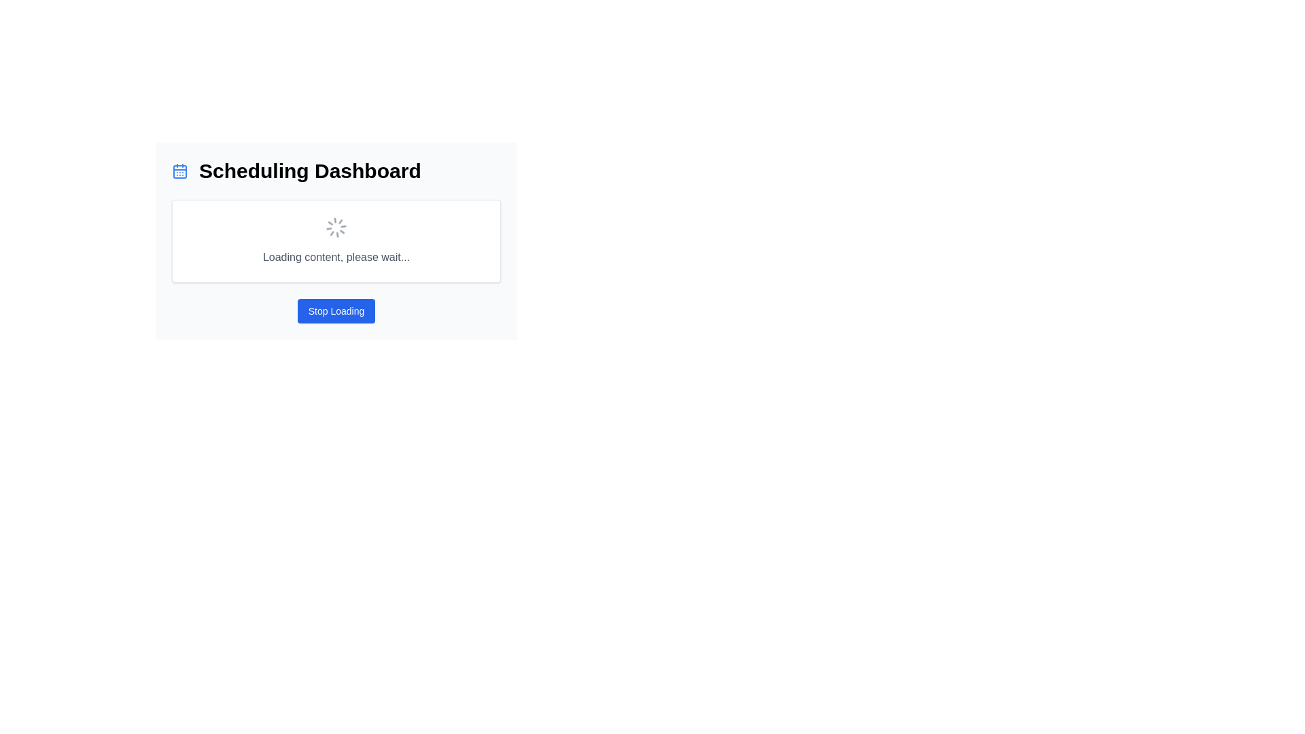 The height and width of the screenshot is (734, 1305). I want to click on header text indicating the current section is the Scheduling Dashboard, located to the right of a calendar icon and above a loading message box, so click(309, 170).